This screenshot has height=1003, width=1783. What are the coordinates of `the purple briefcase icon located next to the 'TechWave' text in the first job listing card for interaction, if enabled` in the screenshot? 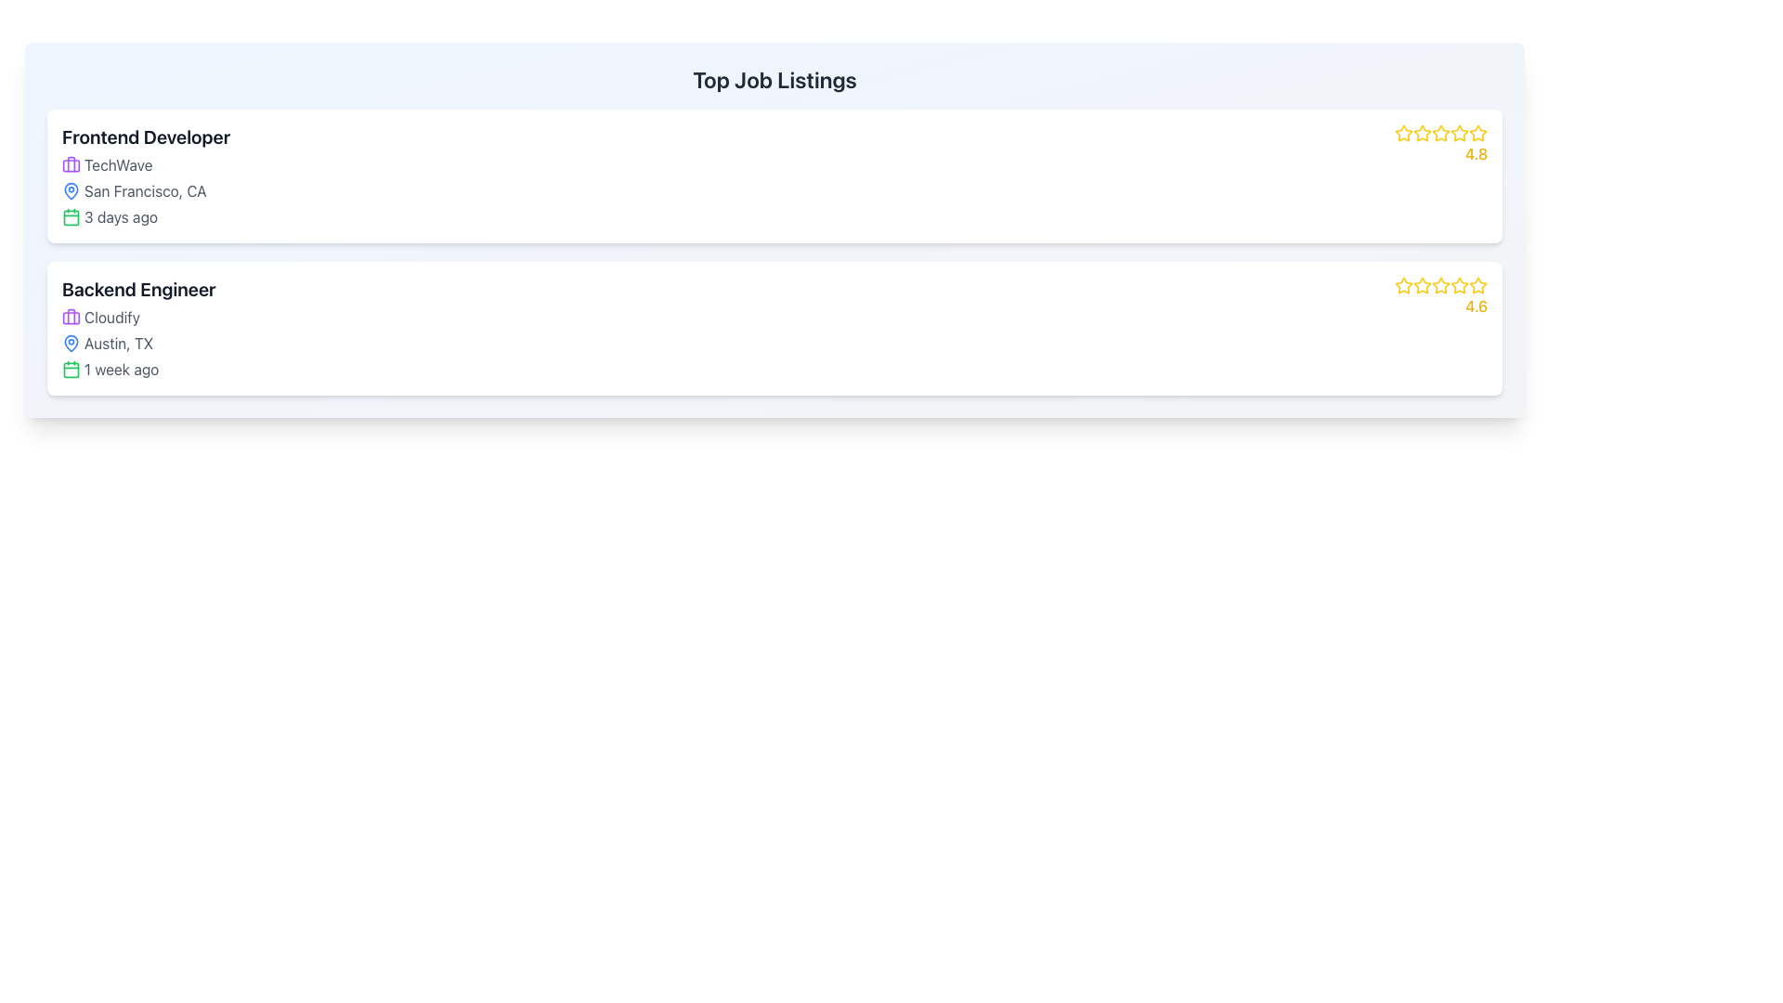 It's located at (71, 163).